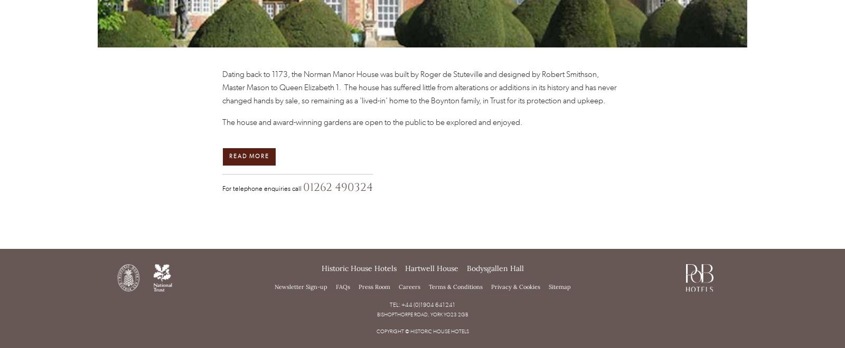  Describe the element at coordinates (321, 268) in the screenshot. I see `'Historic House Hotels'` at that location.